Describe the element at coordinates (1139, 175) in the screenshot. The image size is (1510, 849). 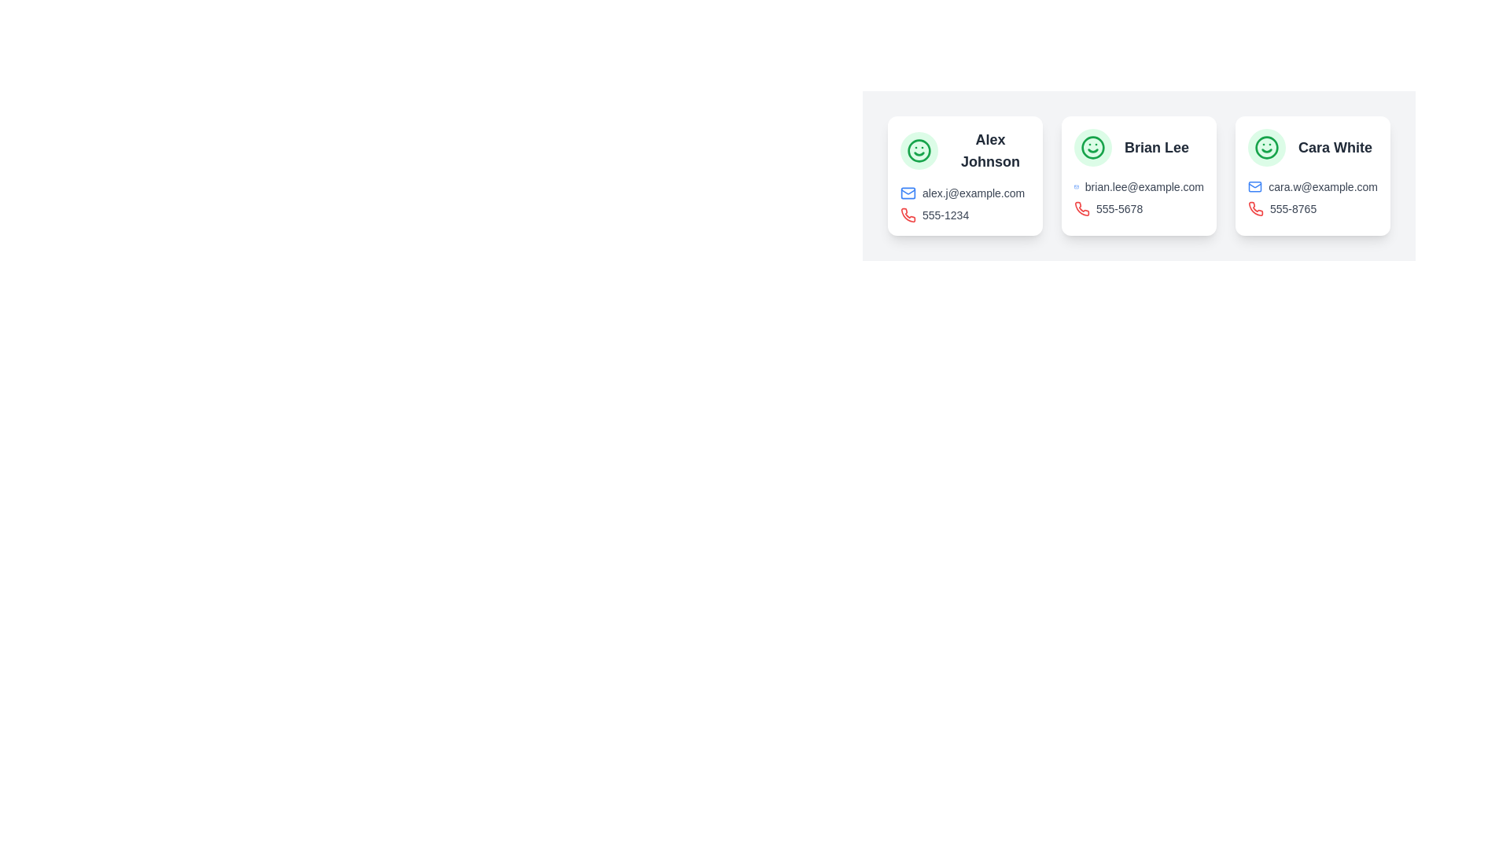
I see `the contact information card for 'Brian Lee', which is the second card in a row, positioned between the cards for 'Alex Johnson' and 'Cara White'` at that location.